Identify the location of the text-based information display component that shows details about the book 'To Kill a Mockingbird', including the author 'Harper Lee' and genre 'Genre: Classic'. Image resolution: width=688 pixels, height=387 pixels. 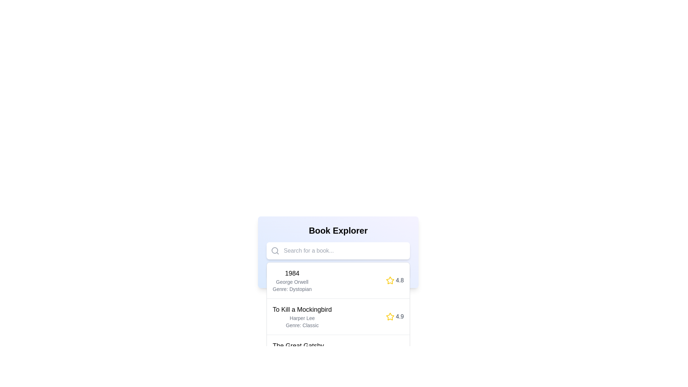
(302, 316).